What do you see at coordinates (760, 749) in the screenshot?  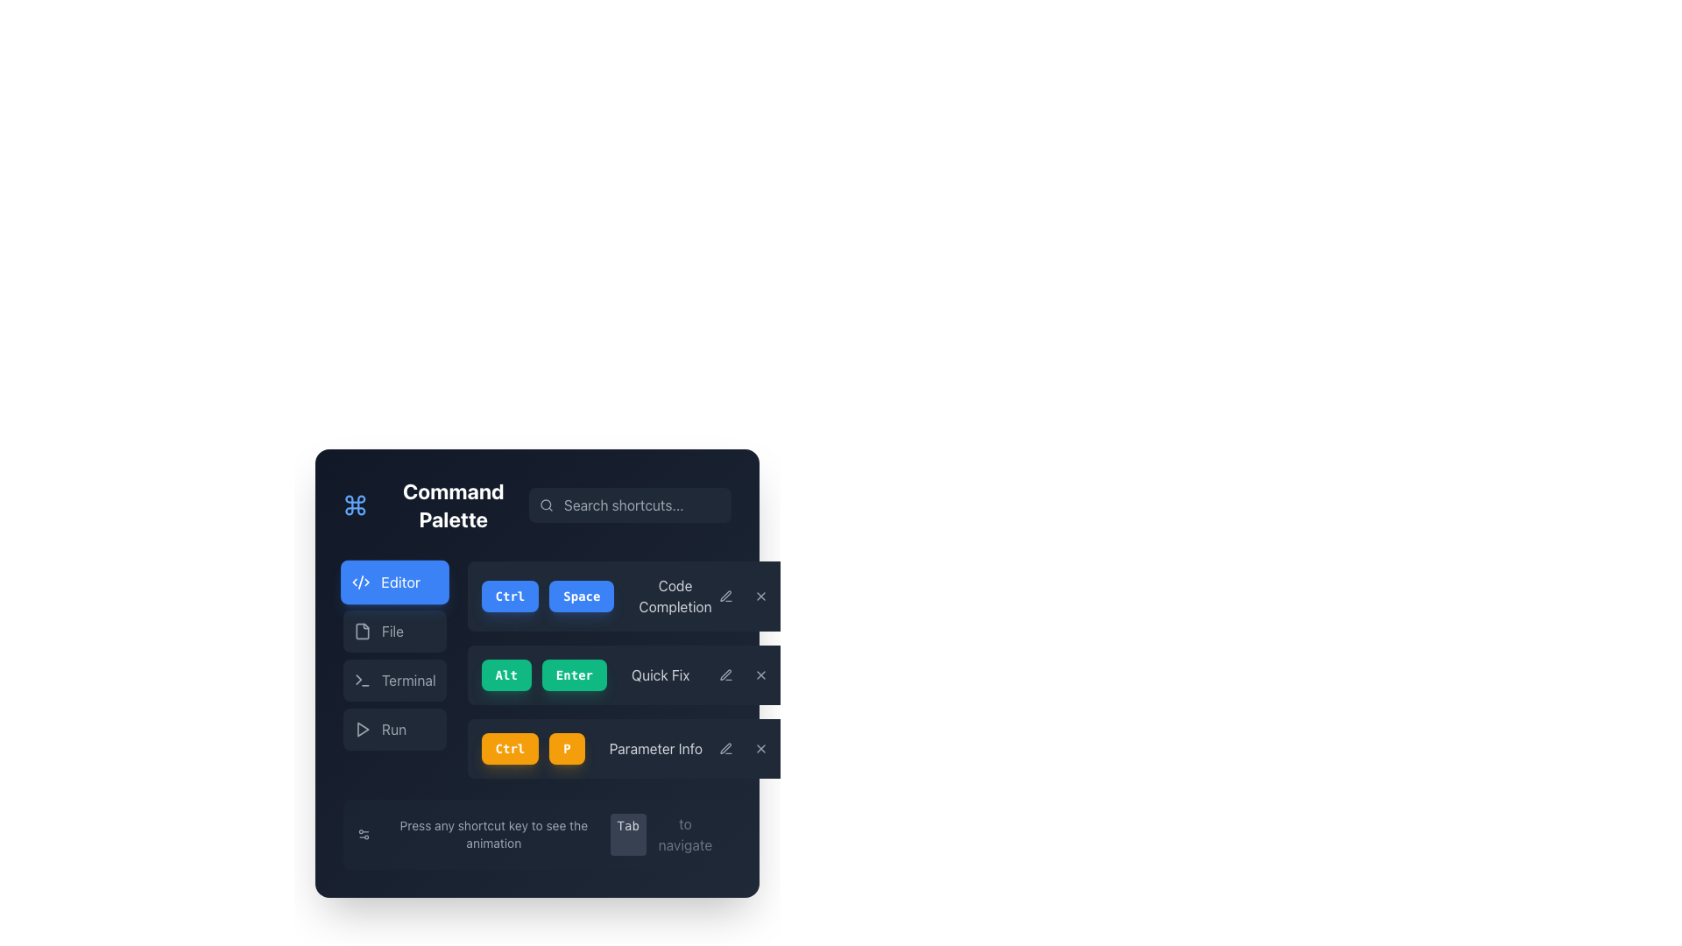 I see `the close Icon Button located in the top-right corner of the 'Parameter Info' row within the Command Palette modal window to trigger hover effects` at bounding box center [760, 749].